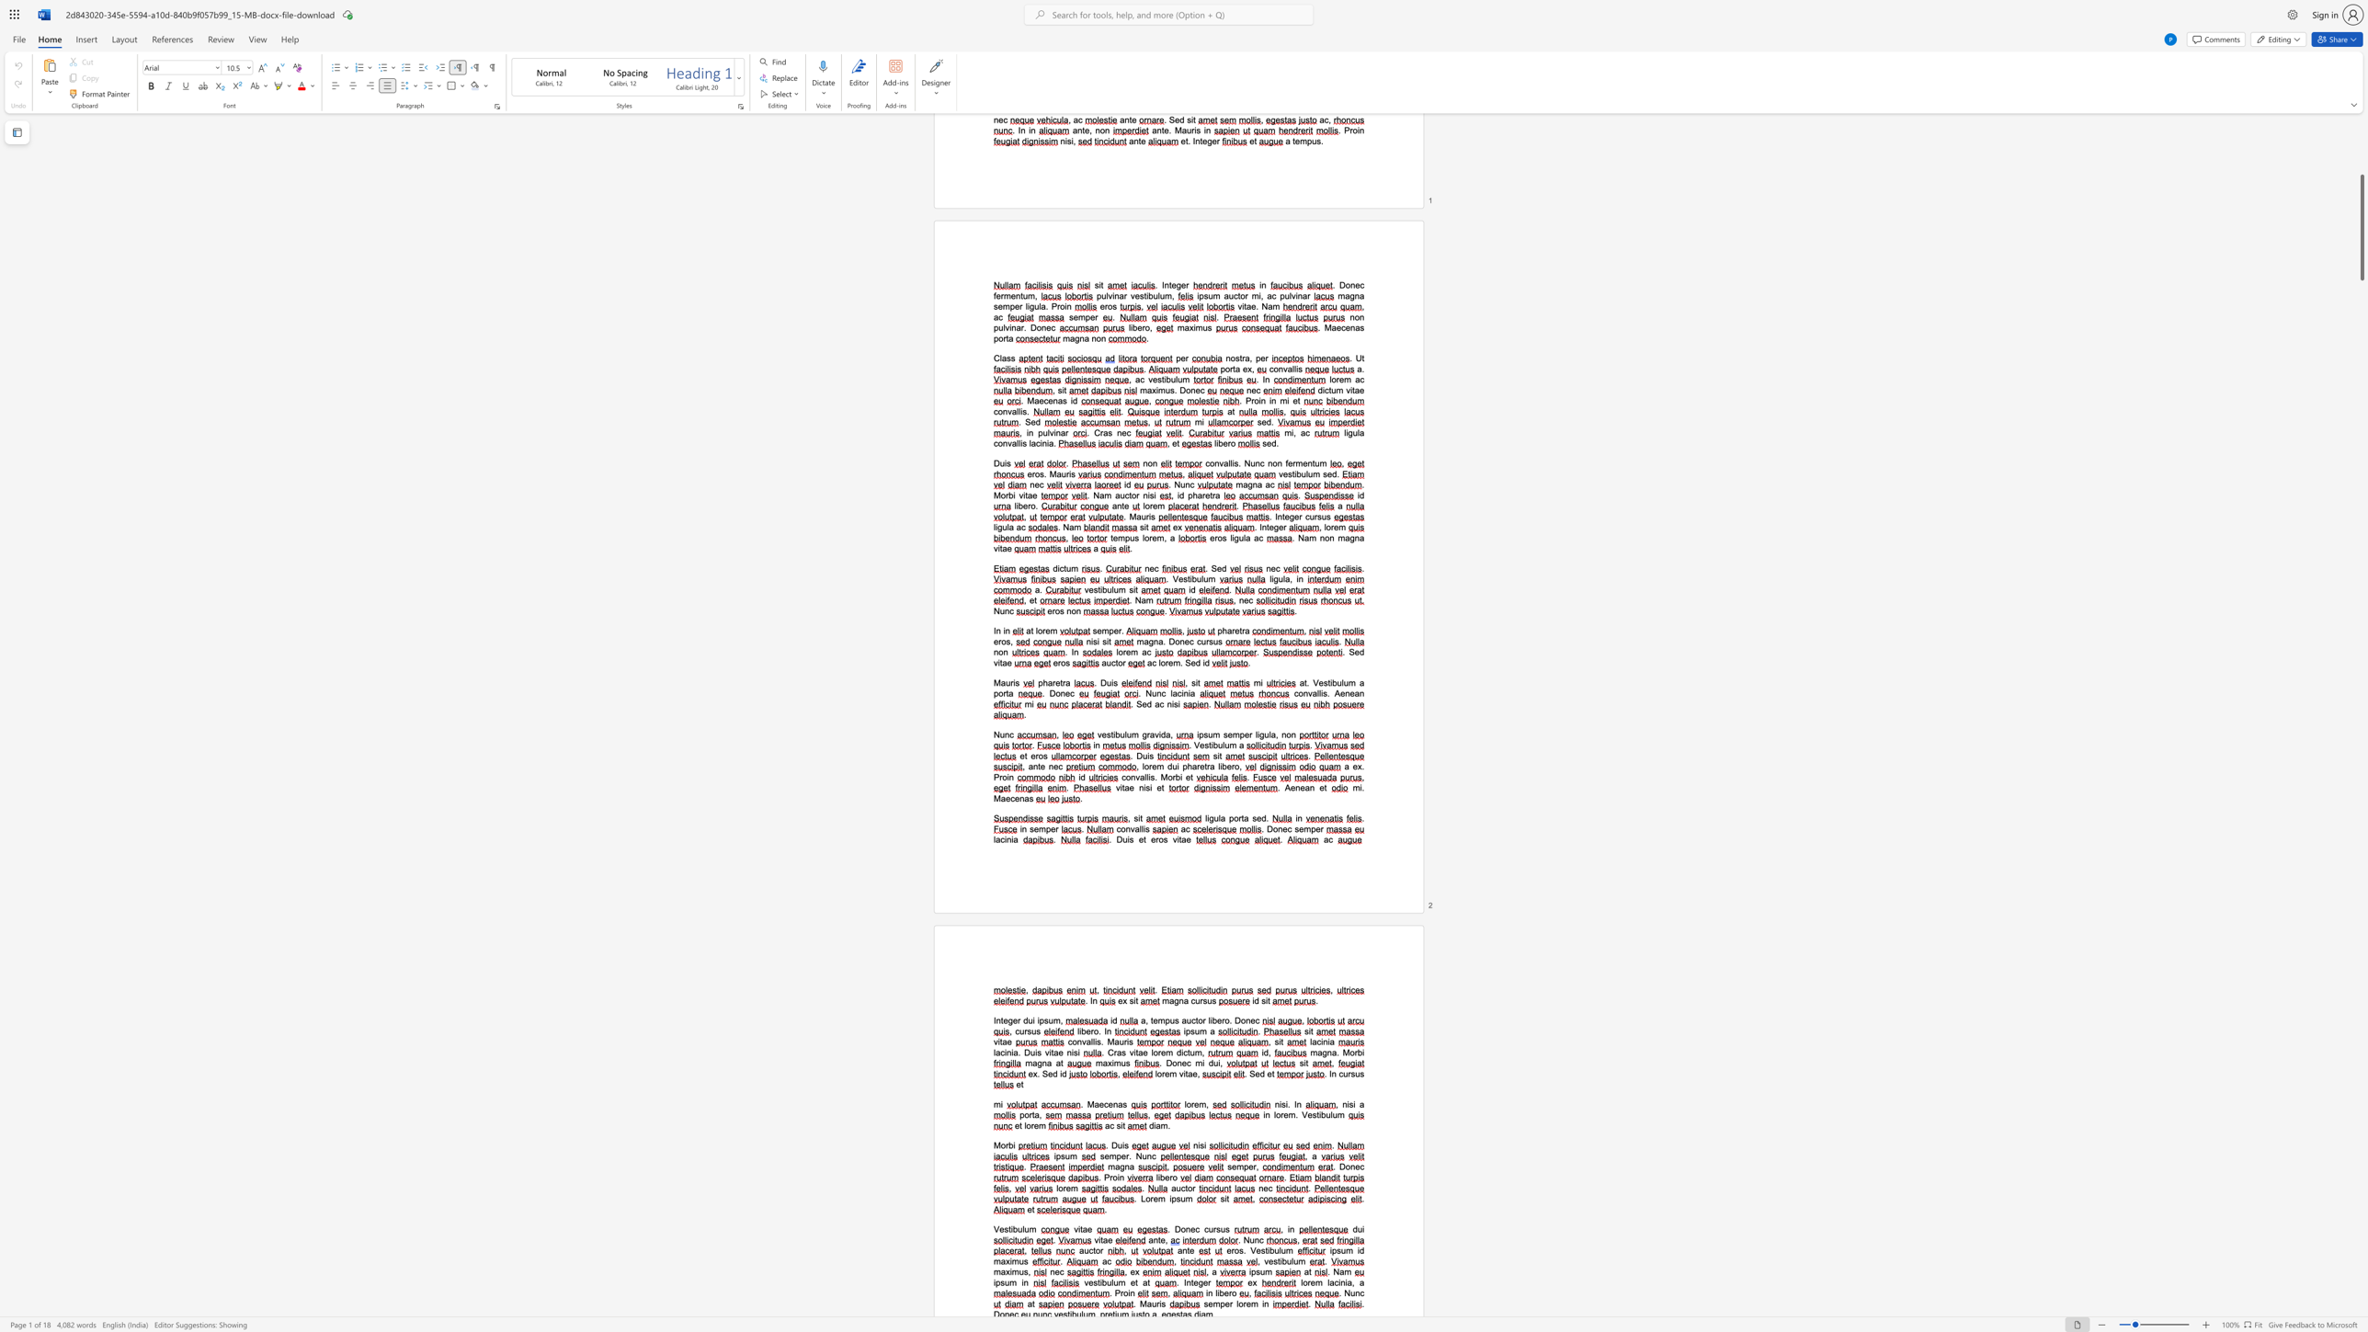  What do you see at coordinates (1053, 1020) in the screenshot?
I see `the space between the continuous character "u" and "m" in the text` at bounding box center [1053, 1020].